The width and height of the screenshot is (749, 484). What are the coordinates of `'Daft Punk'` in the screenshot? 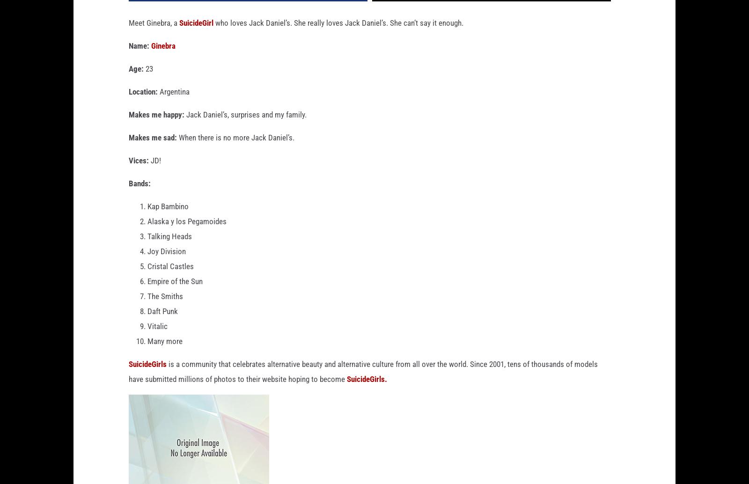 It's located at (162, 326).